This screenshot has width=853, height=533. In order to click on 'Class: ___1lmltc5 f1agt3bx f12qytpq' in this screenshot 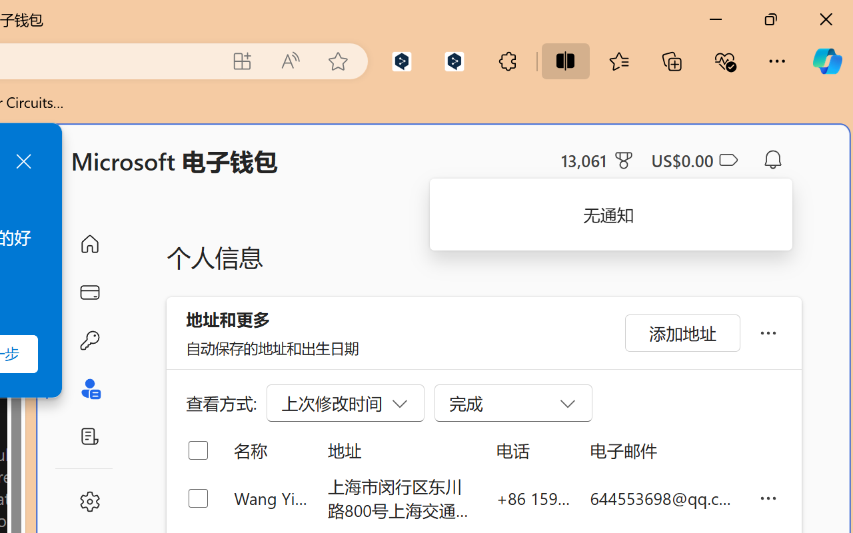, I will do `click(727, 160)`.